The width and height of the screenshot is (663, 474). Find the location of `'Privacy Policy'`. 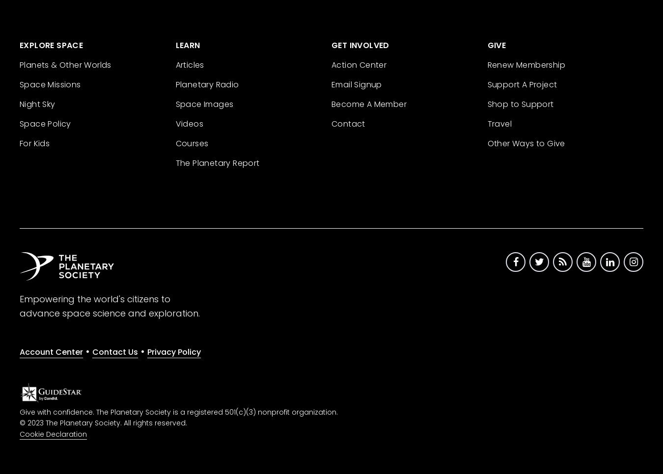

'Privacy Policy' is located at coordinates (174, 351).